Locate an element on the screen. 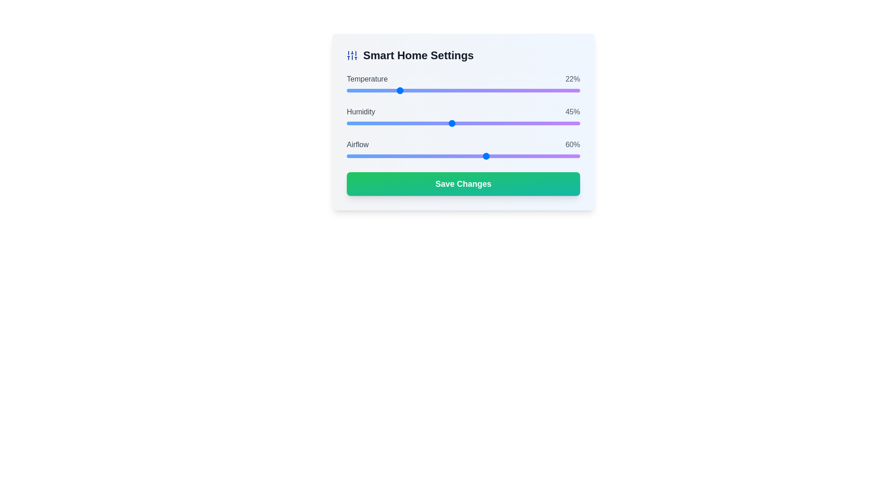 The height and width of the screenshot is (492, 875). the airflow is located at coordinates (365, 156).